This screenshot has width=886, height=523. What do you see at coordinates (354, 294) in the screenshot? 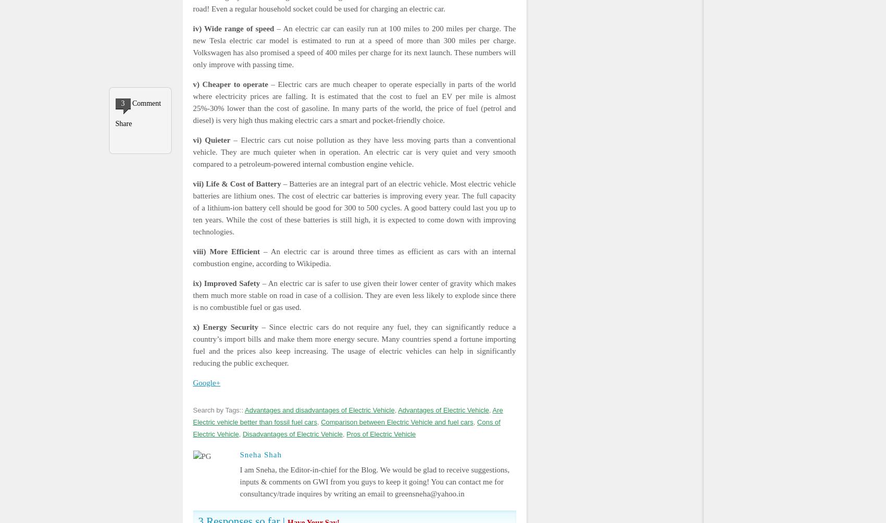
I see `'– An electric car is safer to use given their lower center of gravity which makes them much more stable on road in case of a collision. They are even less likely to explode since there is no combustible fuel or gas used.'` at bounding box center [354, 294].